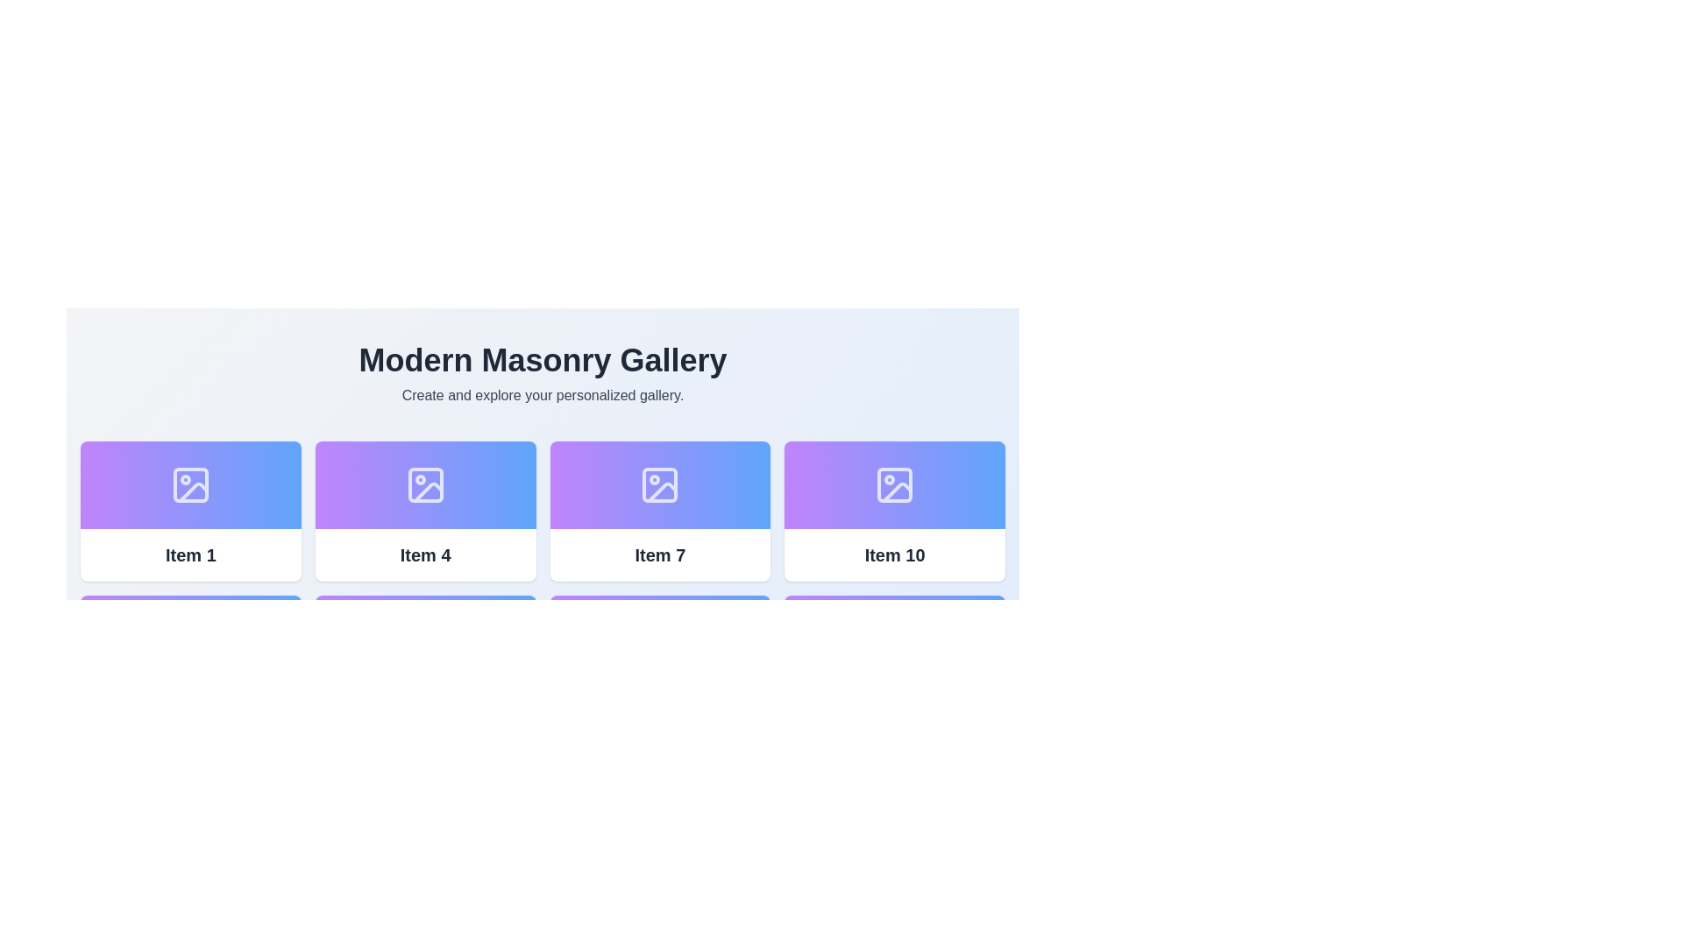 The width and height of the screenshot is (1683, 946). I want to click on the third item in the third row of the grid layout, which represents a gallery item or categorized element, so click(659, 511).